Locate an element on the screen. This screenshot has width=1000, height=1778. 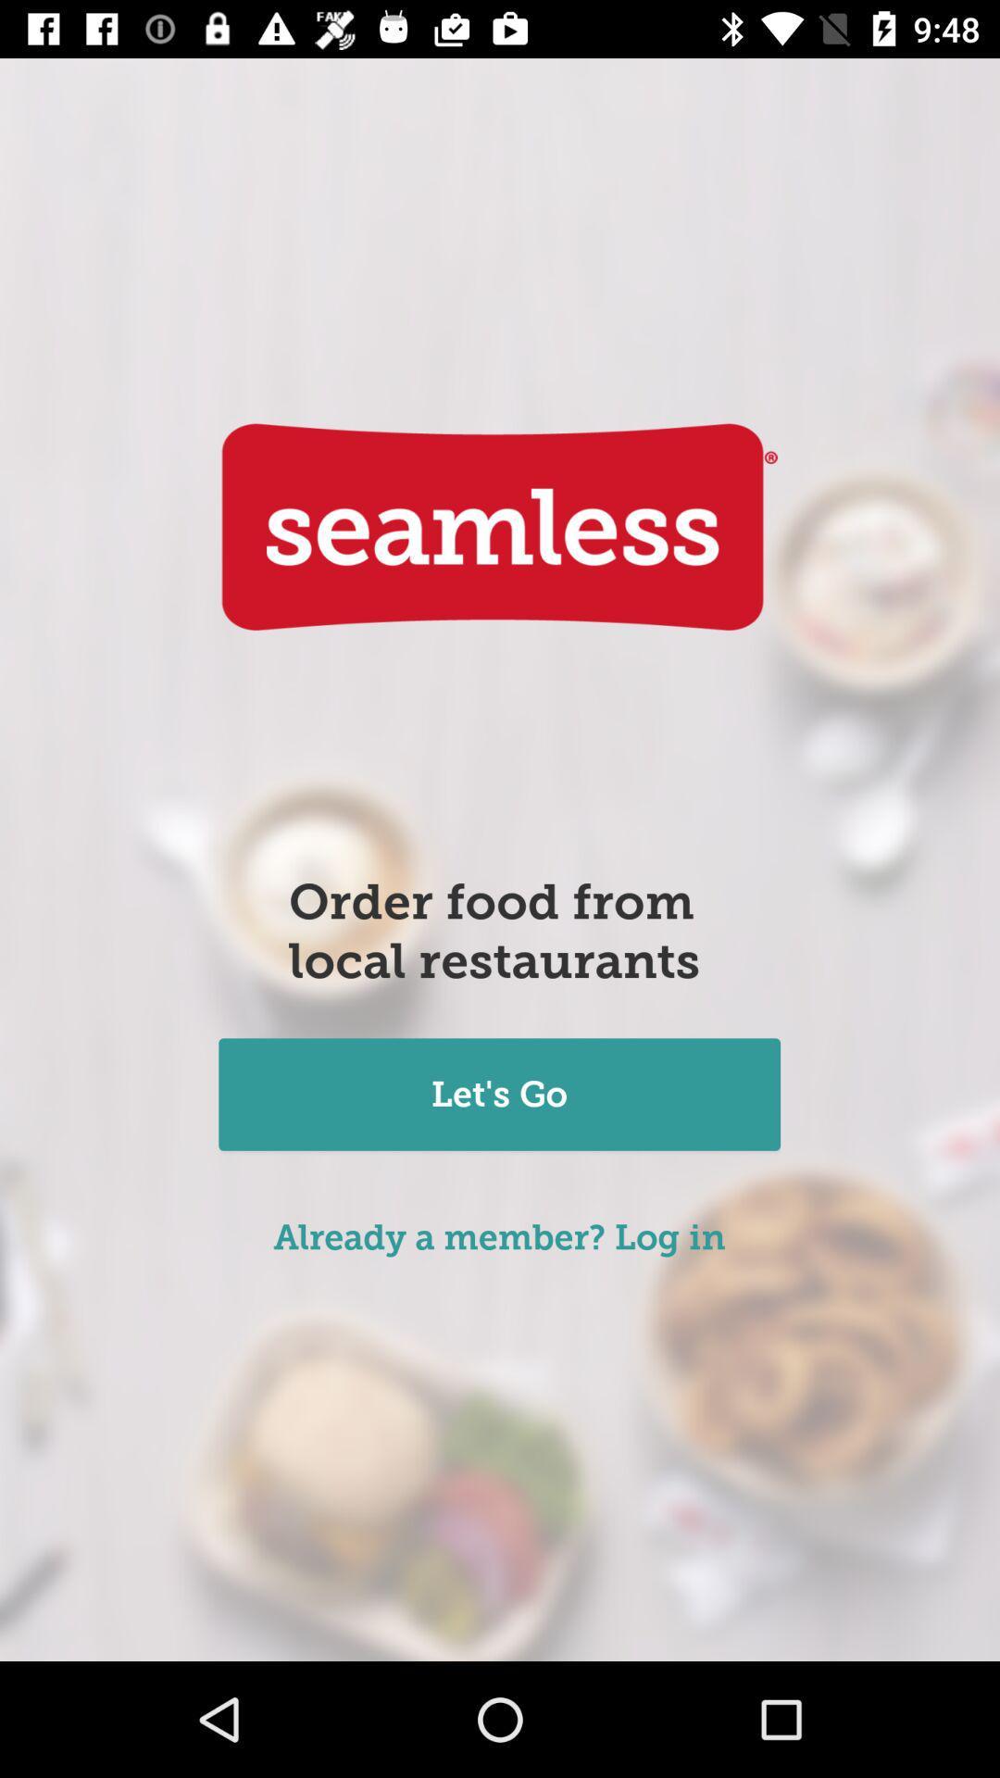
icon below the let's go item is located at coordinates (498, 1237).